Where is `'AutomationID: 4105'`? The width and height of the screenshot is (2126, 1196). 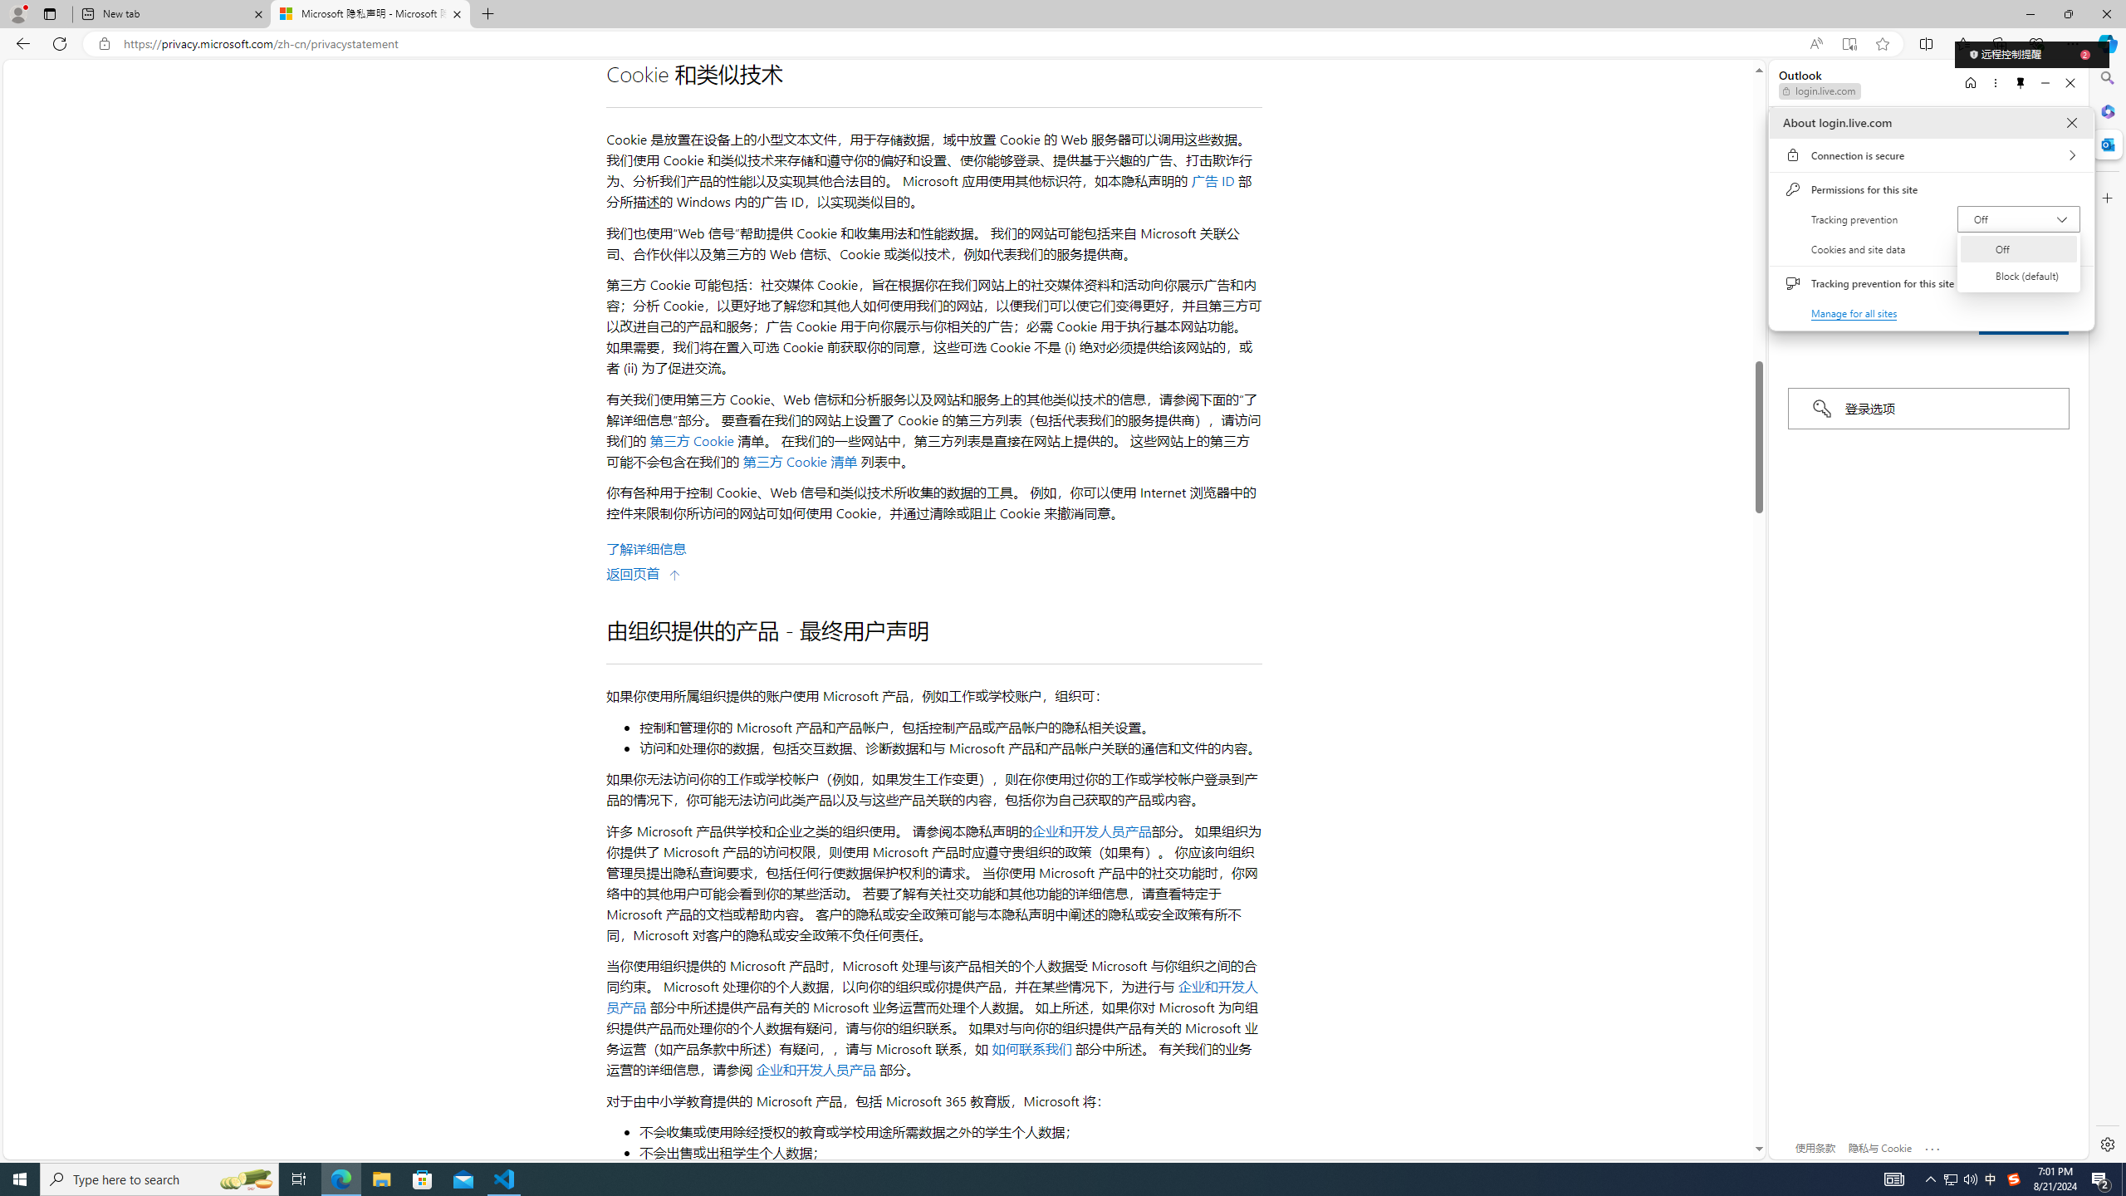
'AutomationID: 4105' is located at coordinates (1893, 1178).